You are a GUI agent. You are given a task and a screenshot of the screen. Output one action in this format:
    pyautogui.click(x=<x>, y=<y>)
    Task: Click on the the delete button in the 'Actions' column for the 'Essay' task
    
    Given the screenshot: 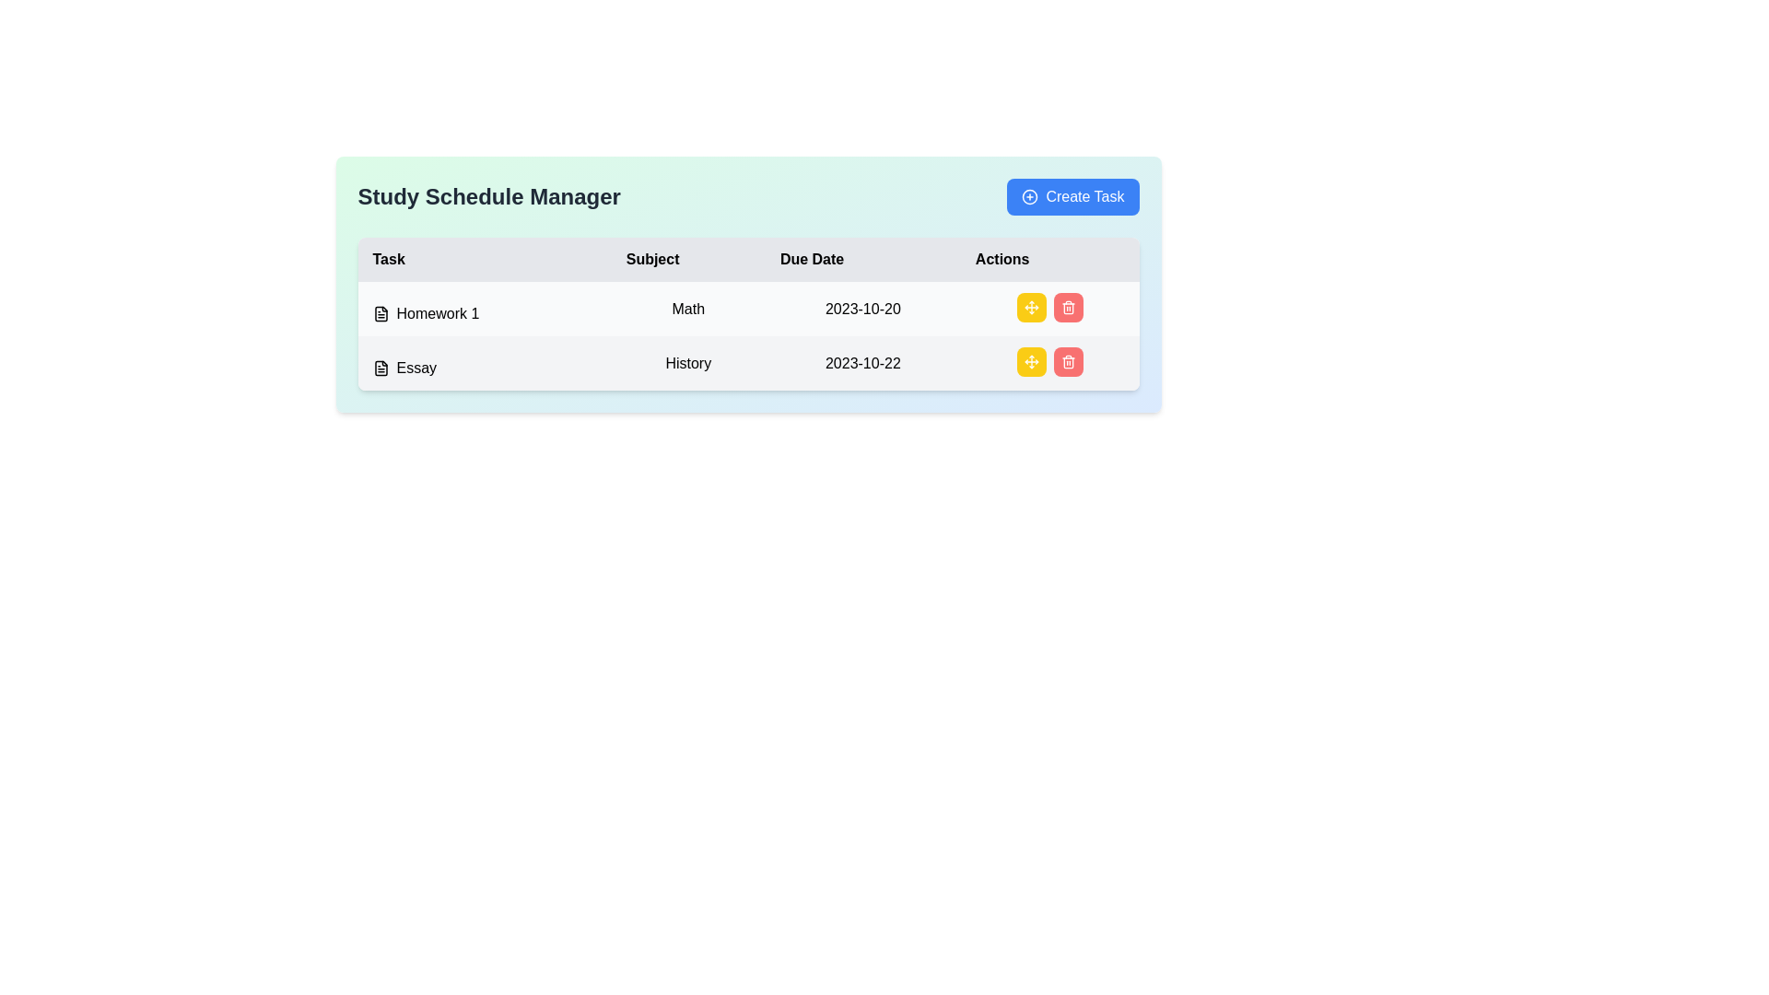 What is the action you would take?
    pyautogui.click(x=1068, y=362)
    